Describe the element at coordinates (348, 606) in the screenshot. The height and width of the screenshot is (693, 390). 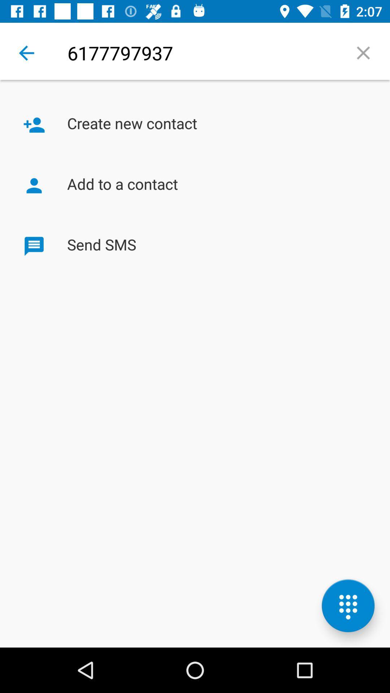
I see `the dialpad icon` at that location.